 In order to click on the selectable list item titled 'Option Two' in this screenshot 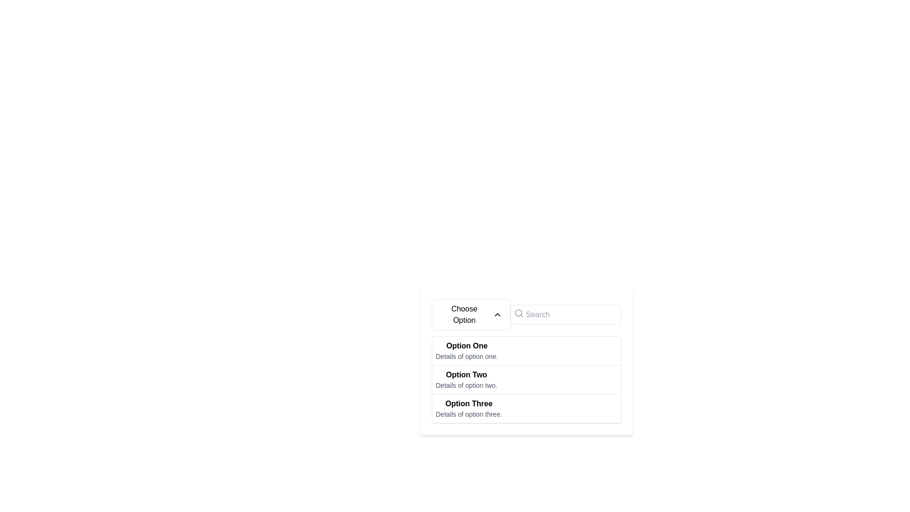, I will do `click(526, 379)`.